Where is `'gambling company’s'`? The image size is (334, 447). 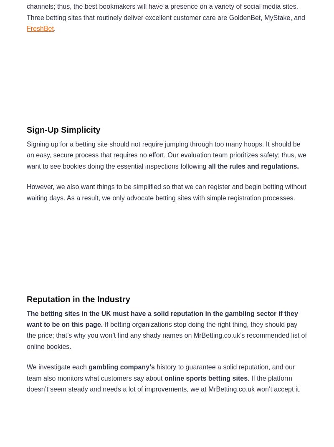
'gambling company’s' is located at coordinates (121, 367).